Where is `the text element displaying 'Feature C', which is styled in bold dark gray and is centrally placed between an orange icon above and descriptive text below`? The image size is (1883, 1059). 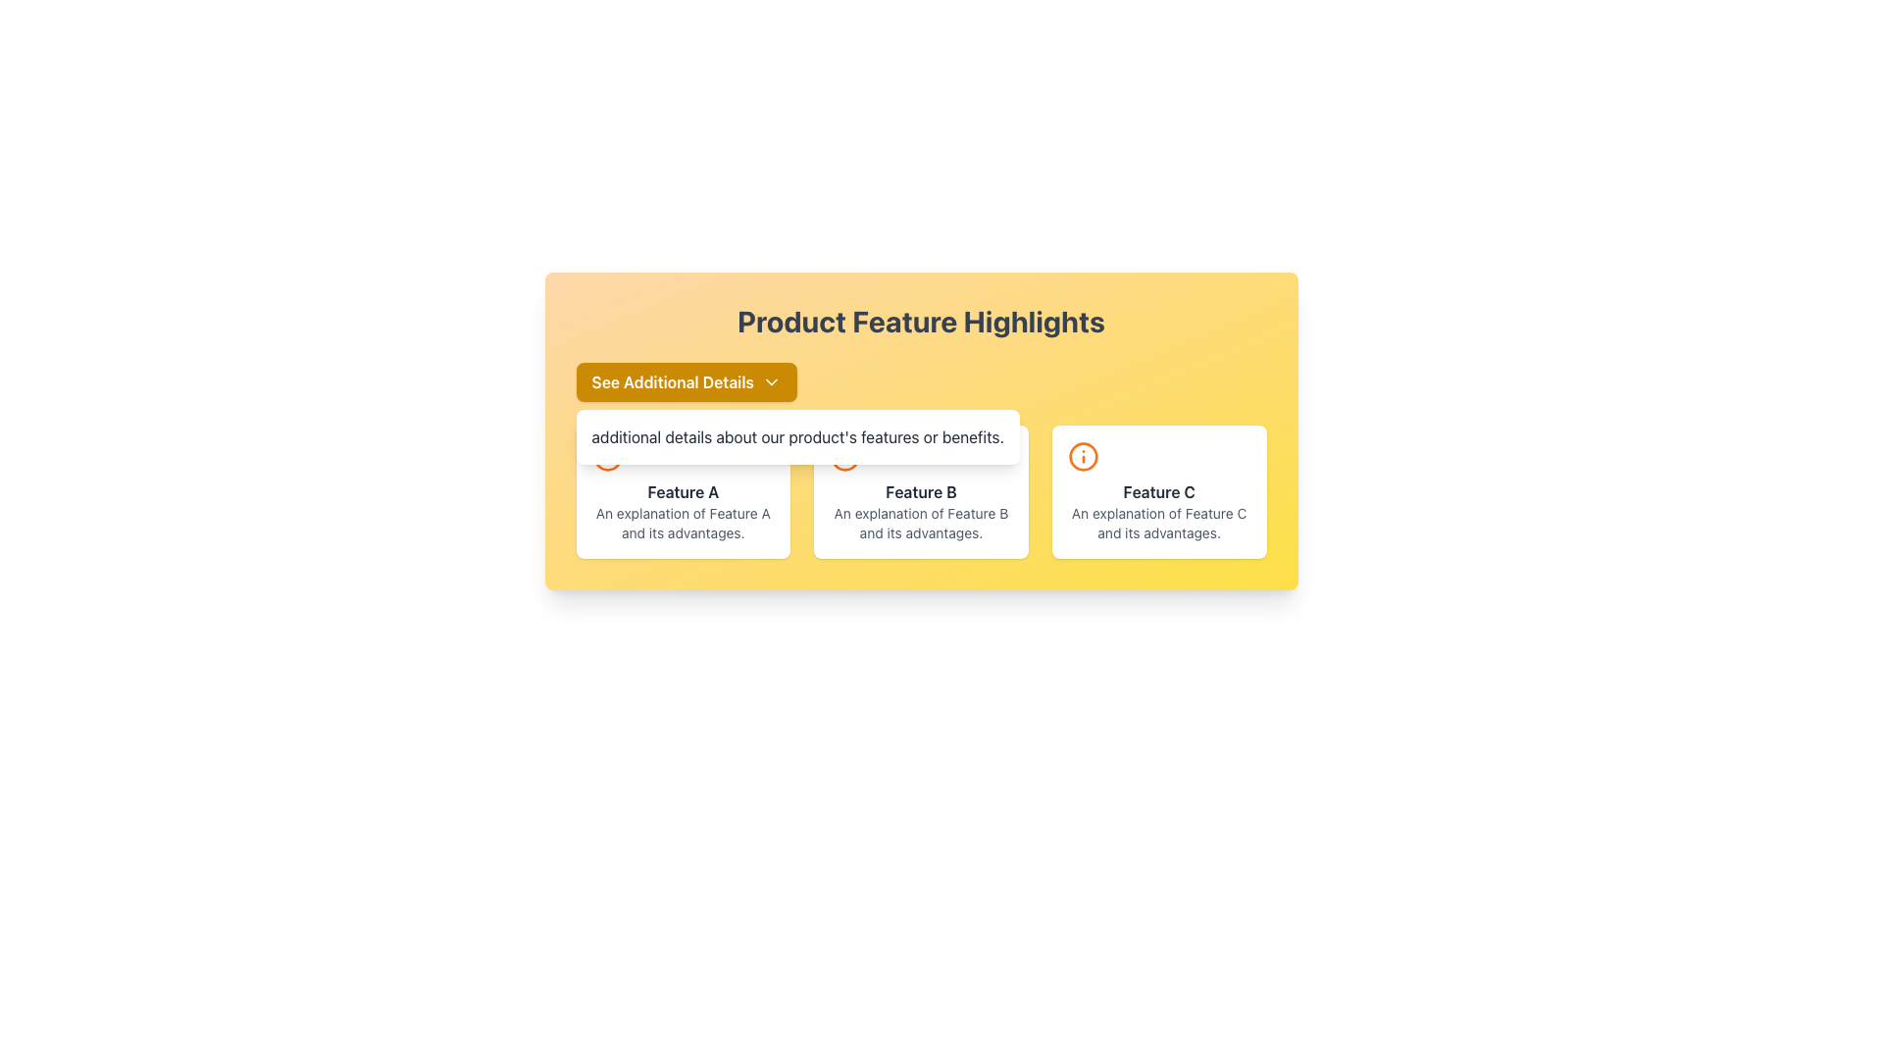
the text element displaying 'Feature C', which is styled in bold dark gray and is centrally placed between an orange icon above and descriptive text below is located at coordinates (1159, 490).